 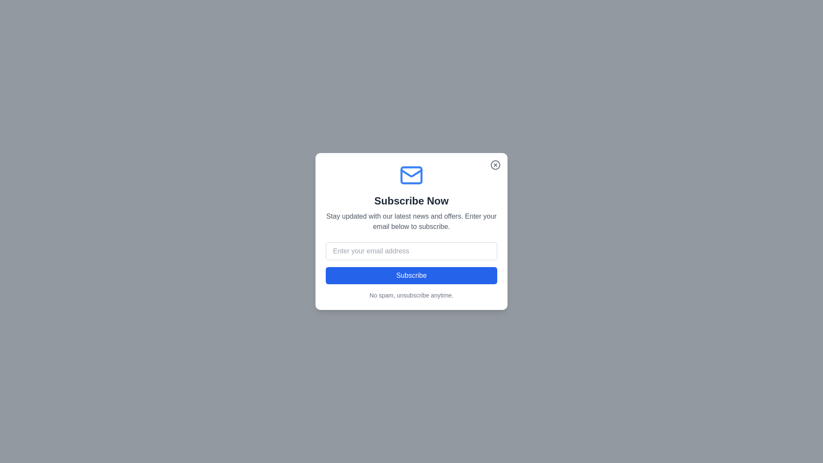 I want to click on the informational text at the bottom of the dialog to inspect it, so click(x=411, y=295).